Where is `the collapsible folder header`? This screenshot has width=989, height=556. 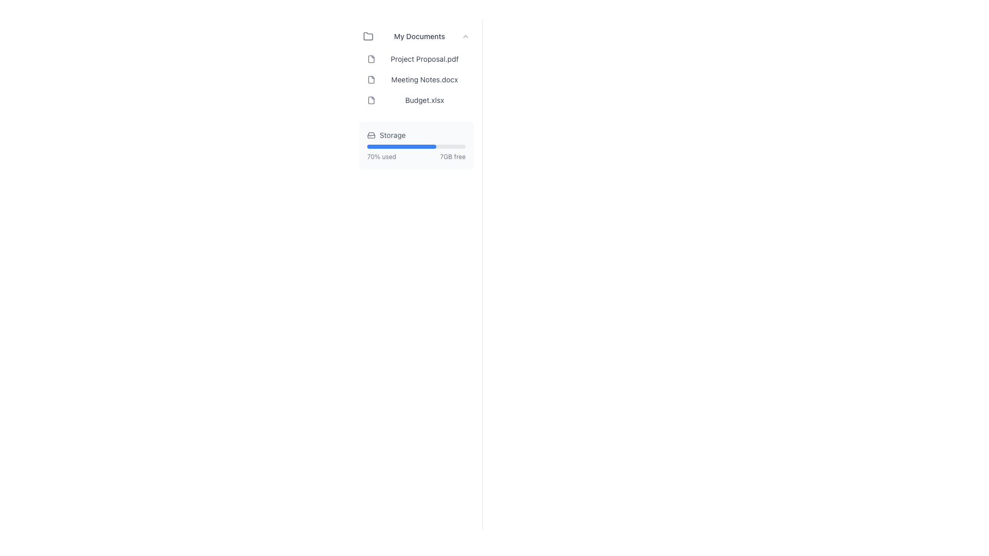
the collapsible folder header is located at coordinates (416, 36).